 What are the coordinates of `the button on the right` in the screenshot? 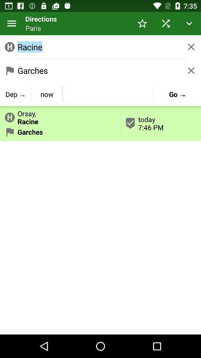 It's located at (160, 123).